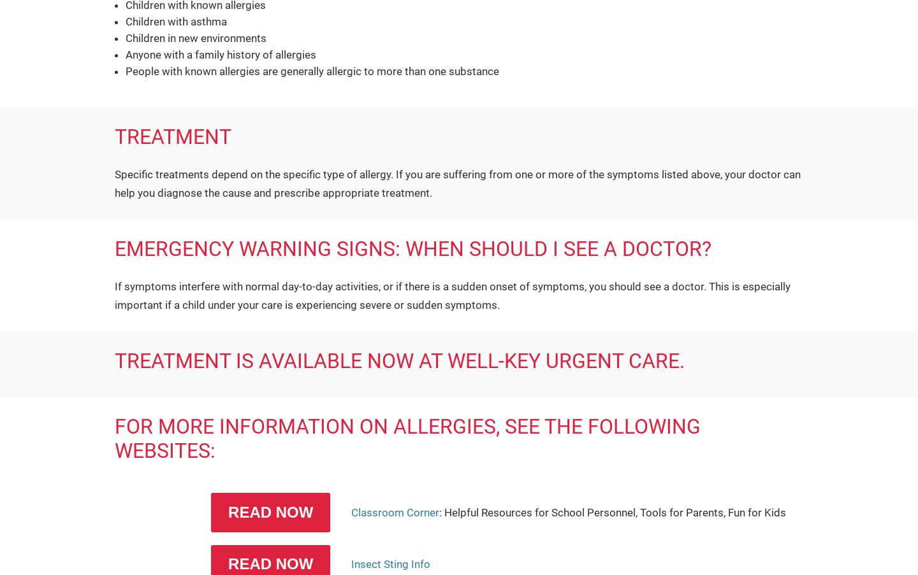 Image resolution: width=918 pixels, height=575 pixels. Describe the element at coordinates (196, 36) in the screenshot. I see `'Children in new environments'` at that location.